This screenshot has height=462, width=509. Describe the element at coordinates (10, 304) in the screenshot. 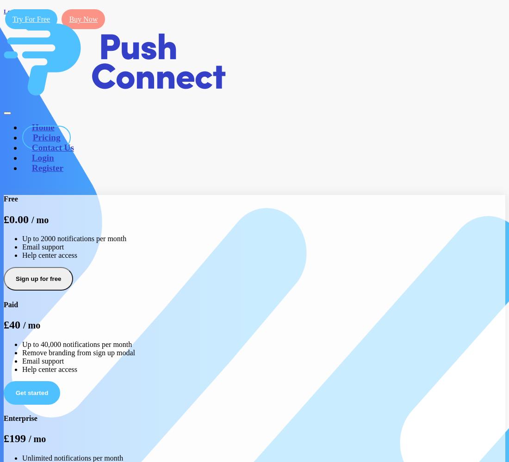

I see `'Paid'` at that location.